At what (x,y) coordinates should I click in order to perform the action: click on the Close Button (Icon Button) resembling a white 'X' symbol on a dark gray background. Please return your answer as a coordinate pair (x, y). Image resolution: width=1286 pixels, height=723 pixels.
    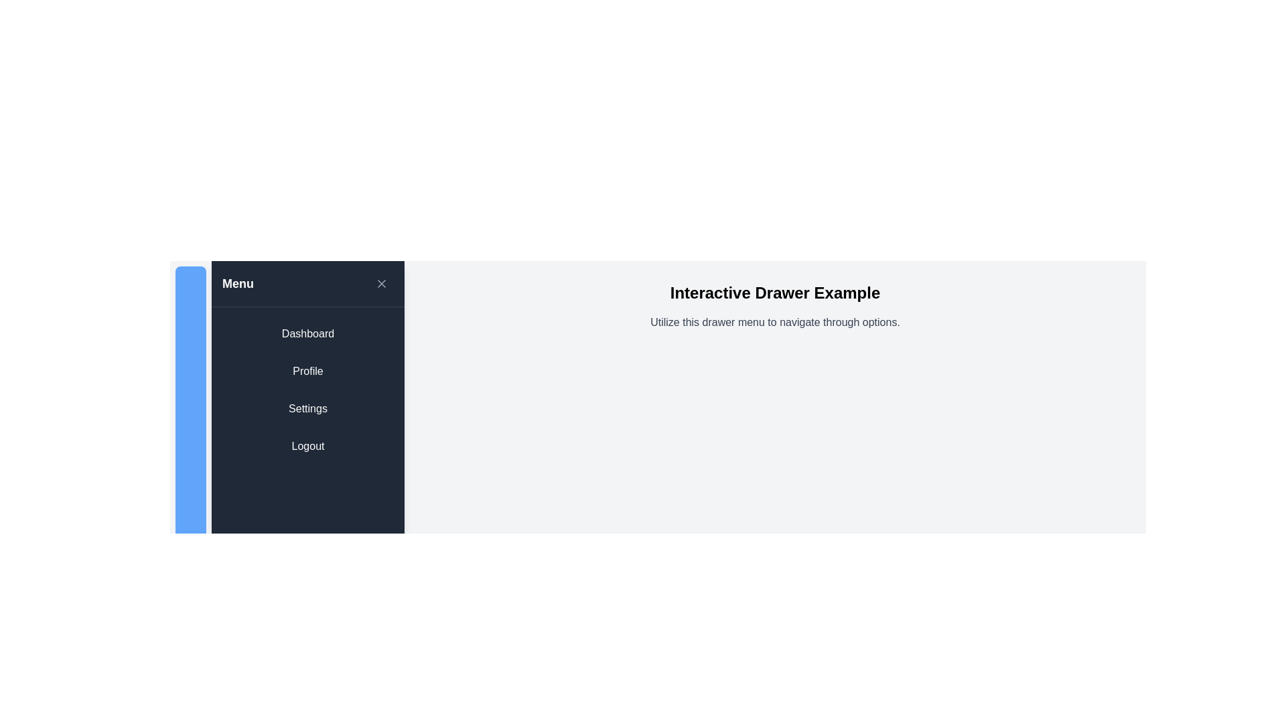
    Looking at the image, I should click on (381, 283).